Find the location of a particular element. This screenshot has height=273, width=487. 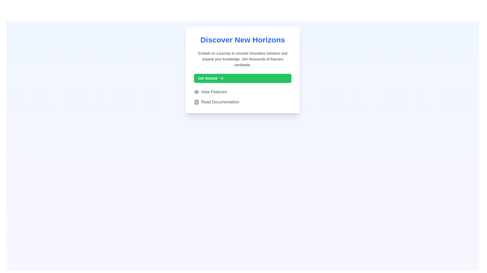

the 'View Features' text label is located at coordinates (214, 92).